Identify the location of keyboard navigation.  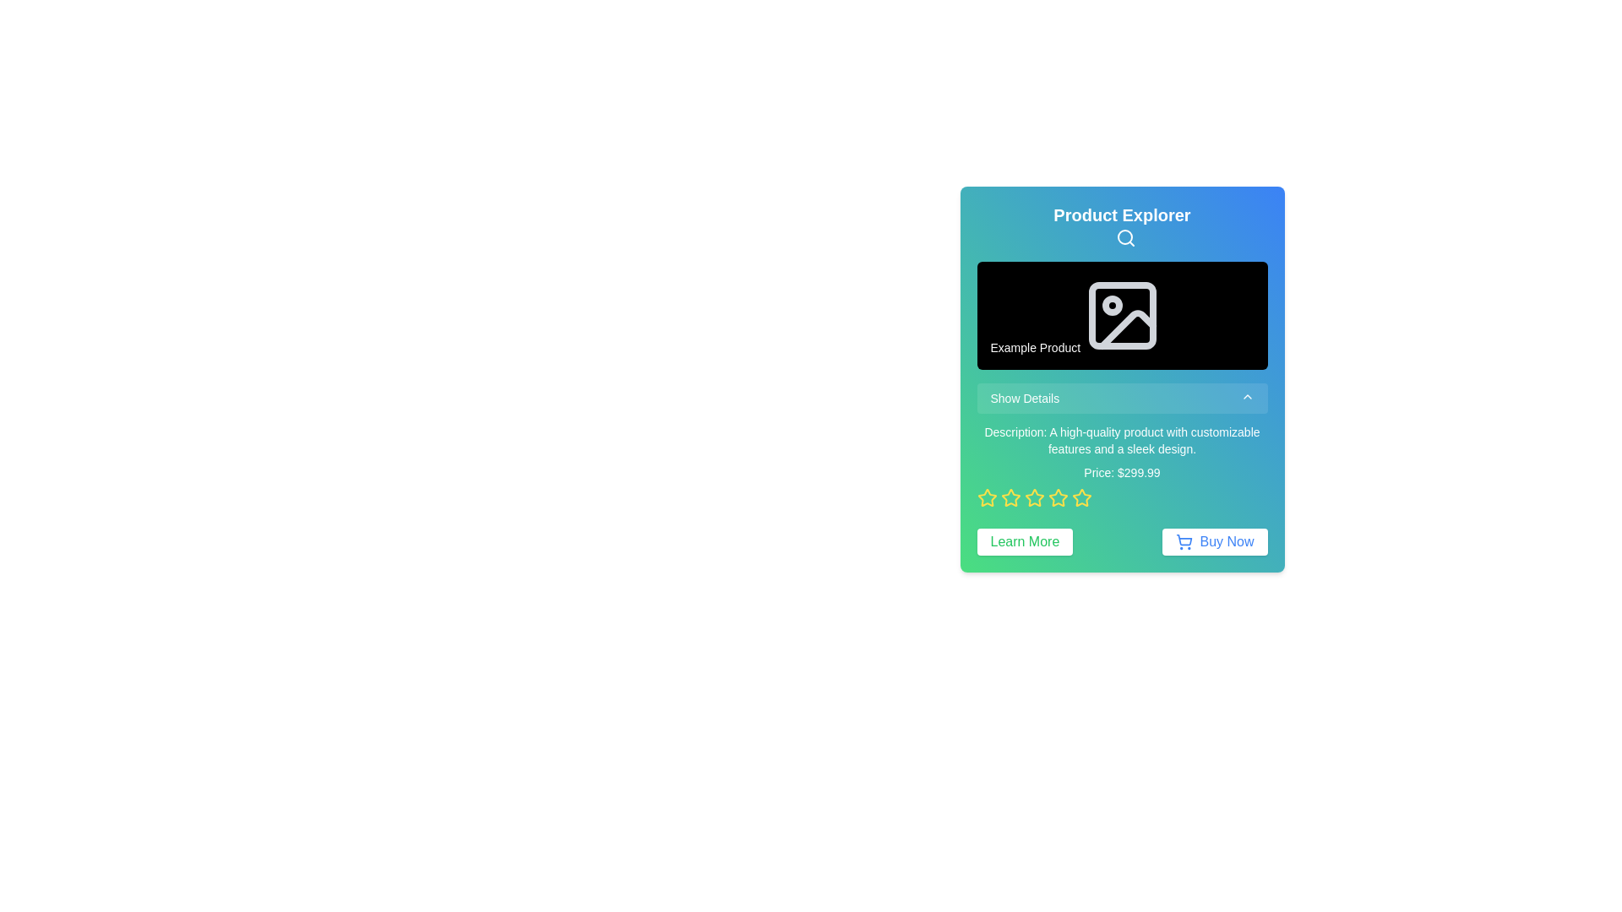
(987, 497).